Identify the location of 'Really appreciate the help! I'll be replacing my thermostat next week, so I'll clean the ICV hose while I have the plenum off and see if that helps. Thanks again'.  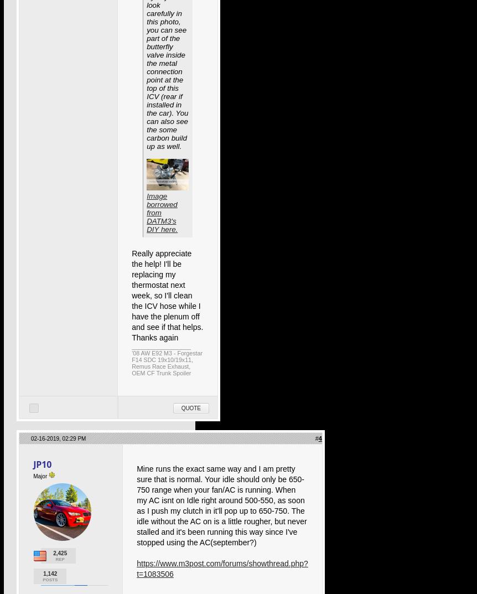
(131, 295).